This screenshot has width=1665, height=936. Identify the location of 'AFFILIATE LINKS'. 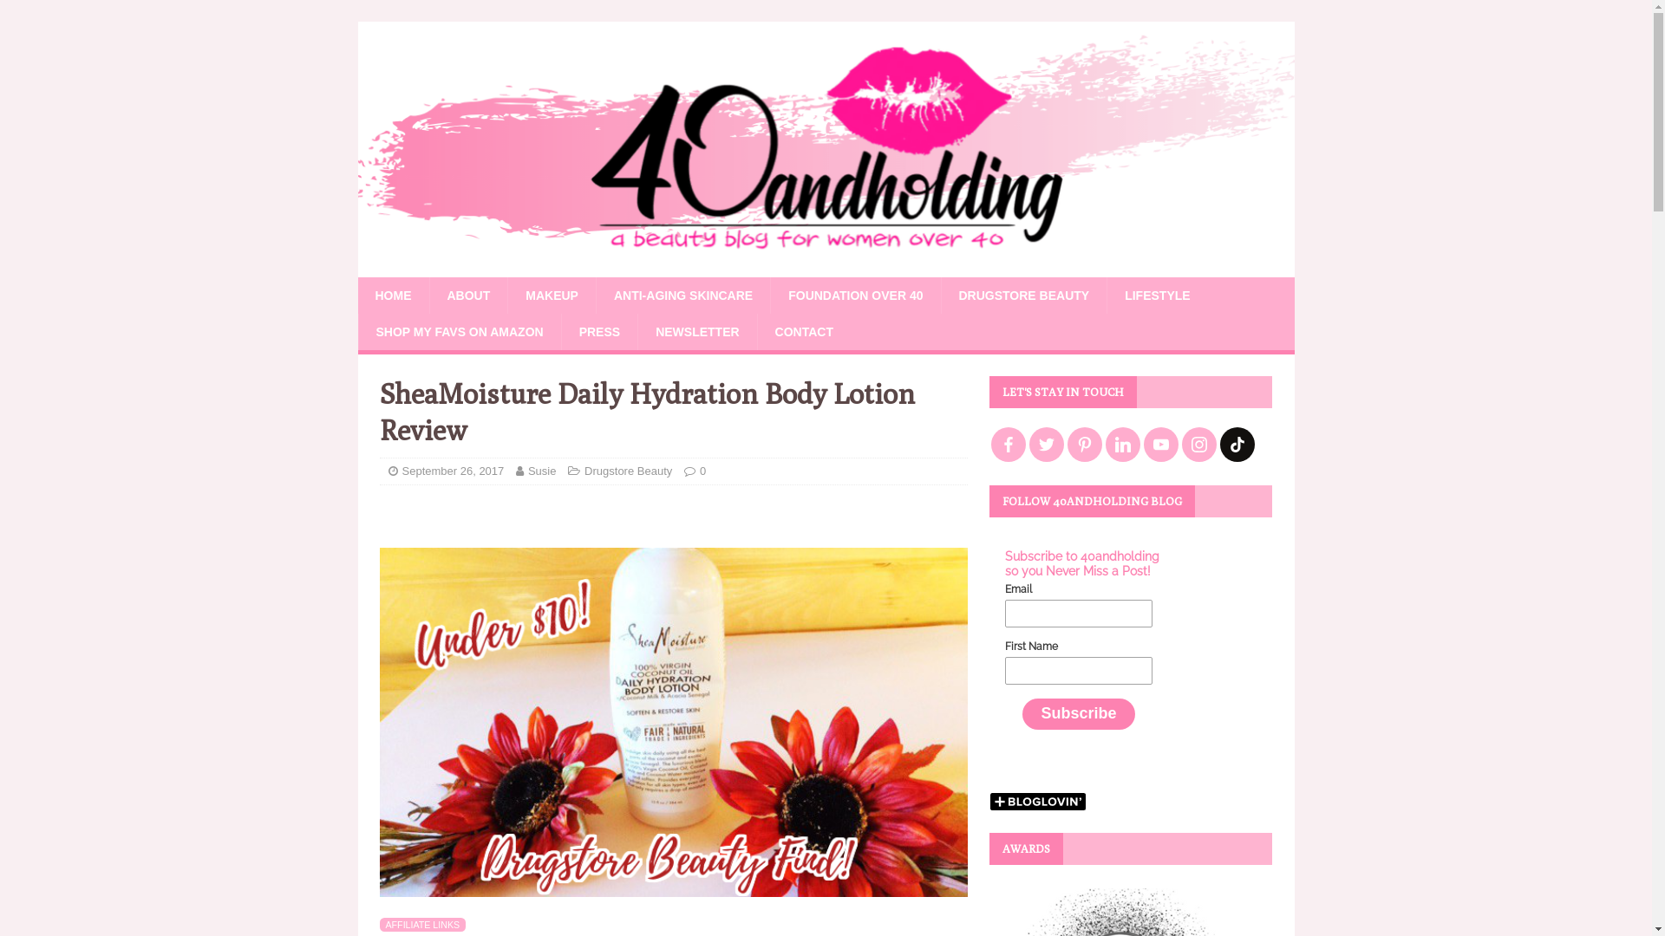
(423, 924).